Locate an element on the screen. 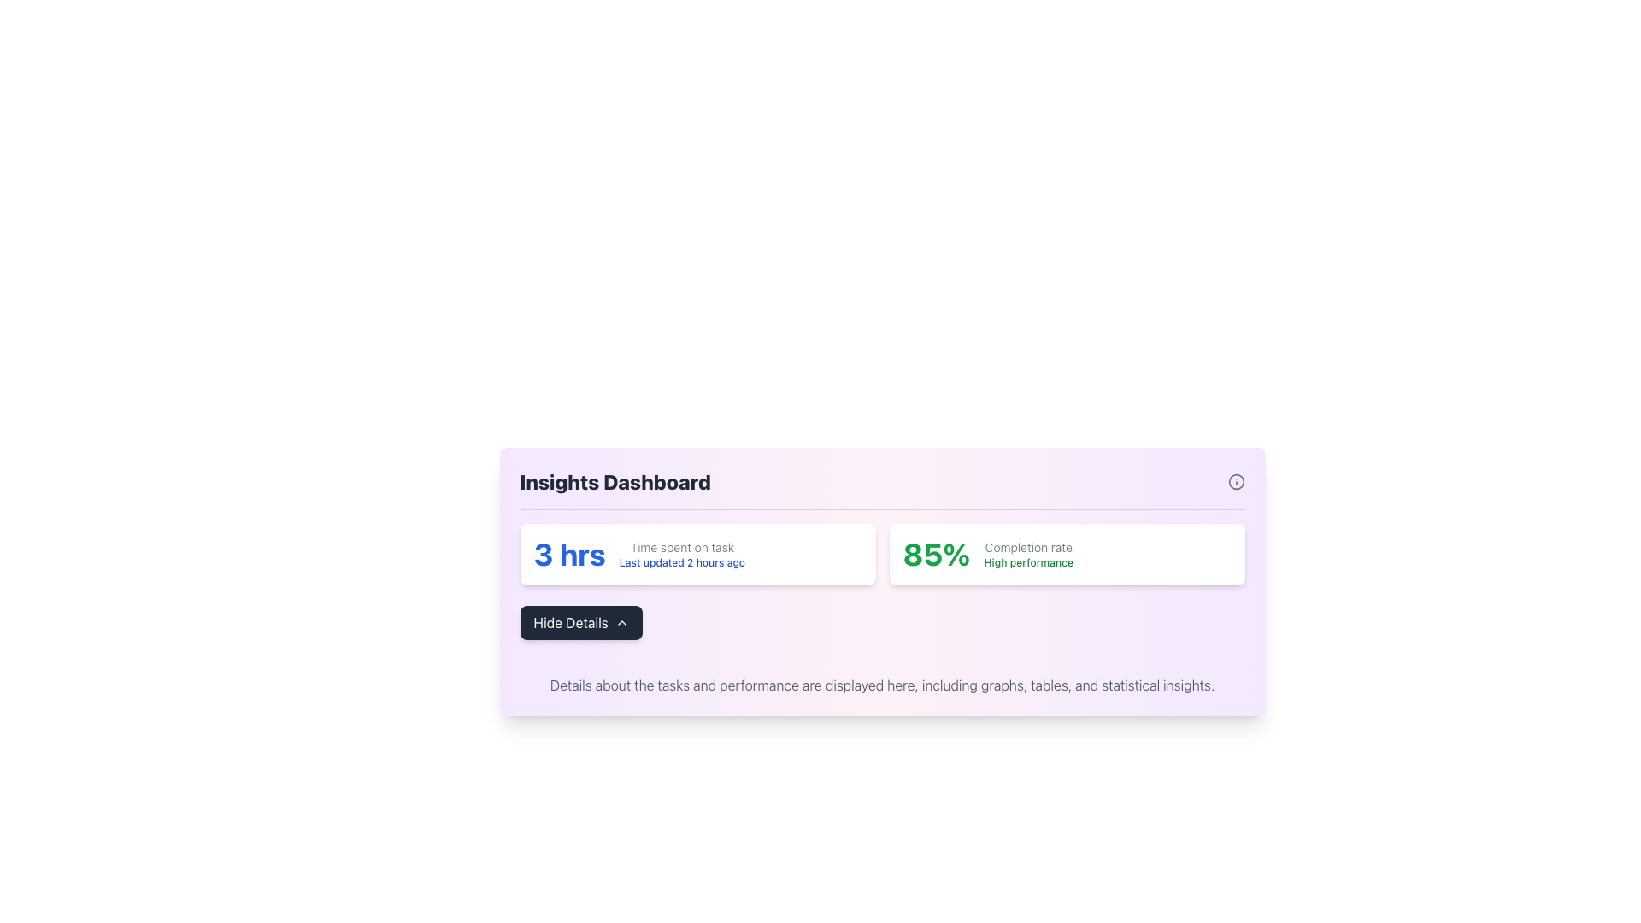  the light gray text element that displays information about tasks and performance metrics, located at the bottom of the metrics section is located at coordinates (882, 685).